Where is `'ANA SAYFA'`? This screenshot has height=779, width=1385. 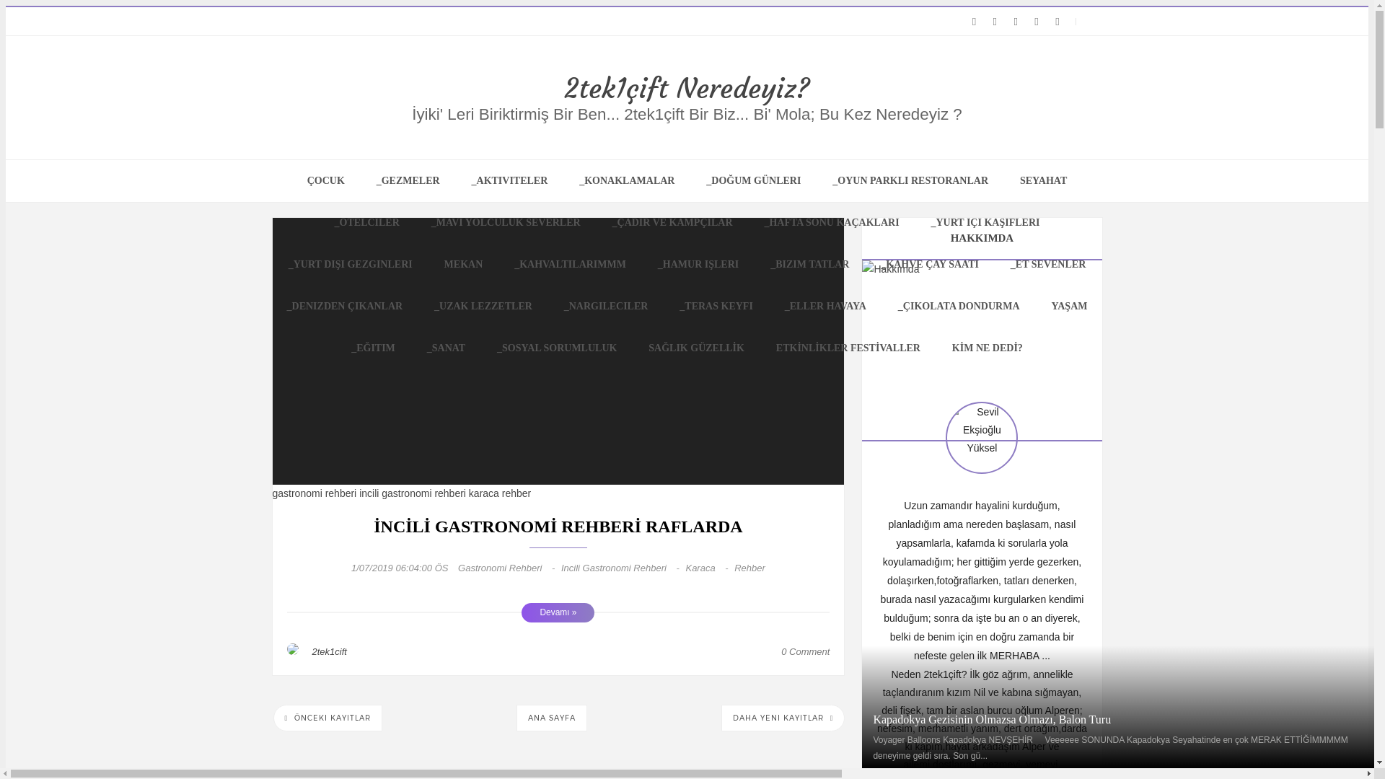
'ANA SAYFA' is located at coordinates (550, 718).